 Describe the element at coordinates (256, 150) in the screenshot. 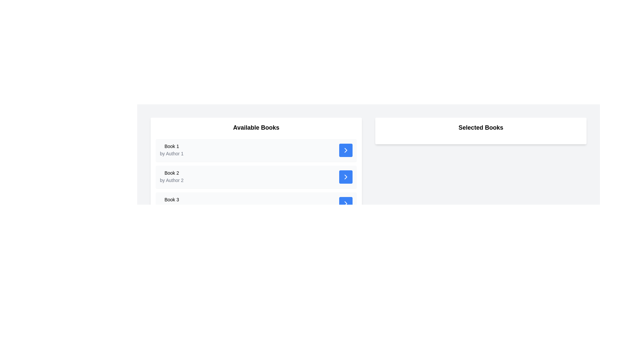

I see `book's title and author information from the first card in the 'Available Books' section, which contains an interactive button on the right side` at that location.